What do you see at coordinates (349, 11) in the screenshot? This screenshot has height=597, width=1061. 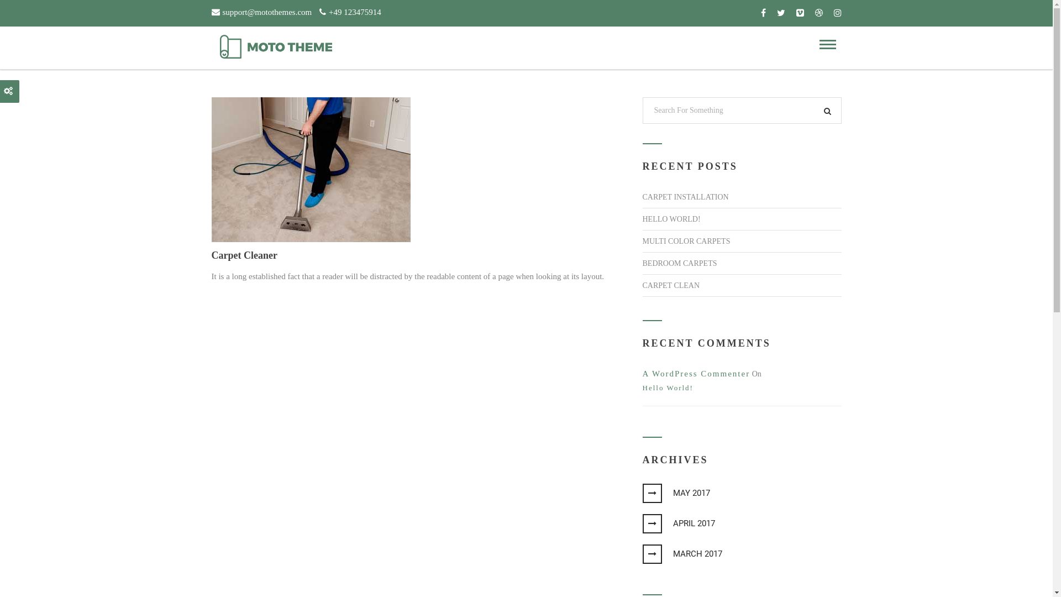 I see `'+49 123475914'` at bounding box center [349, 11].